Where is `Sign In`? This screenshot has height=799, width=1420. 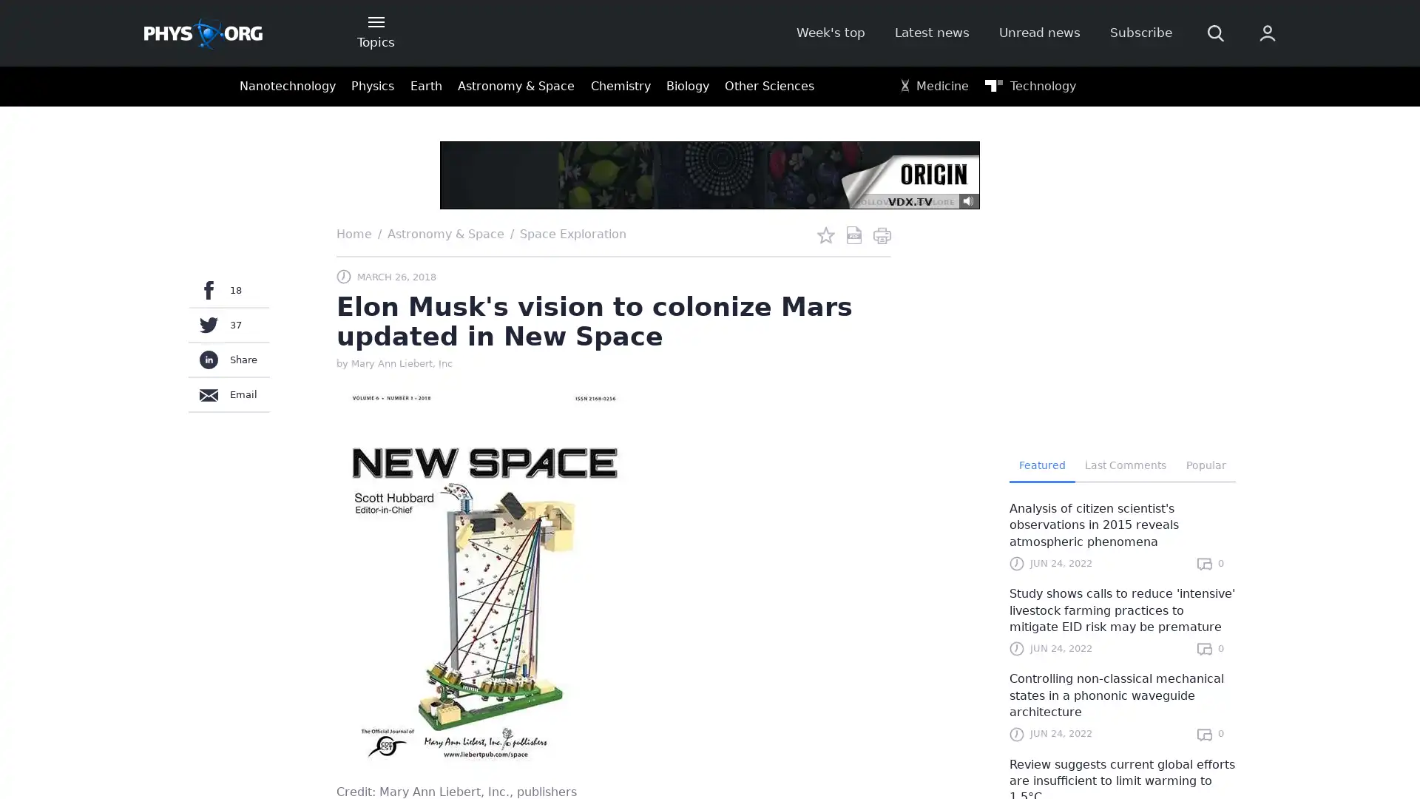 Sign In is located at coordinates (1085, 249).